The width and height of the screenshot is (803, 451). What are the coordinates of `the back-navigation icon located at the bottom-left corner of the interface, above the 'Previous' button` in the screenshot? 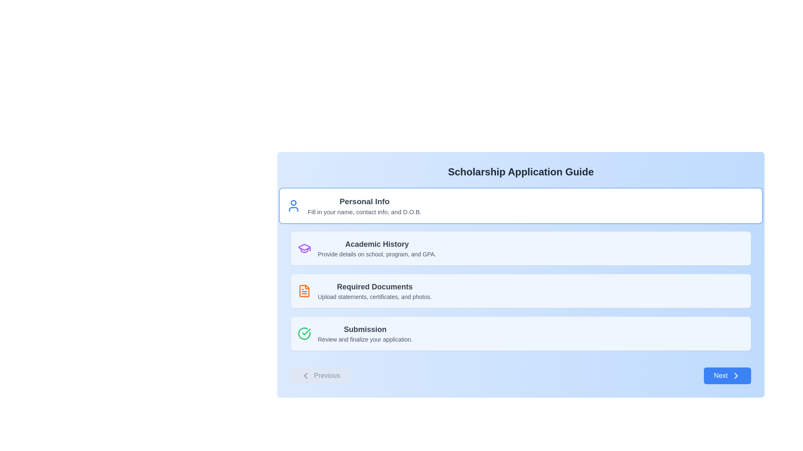 It's located at (305, 375).